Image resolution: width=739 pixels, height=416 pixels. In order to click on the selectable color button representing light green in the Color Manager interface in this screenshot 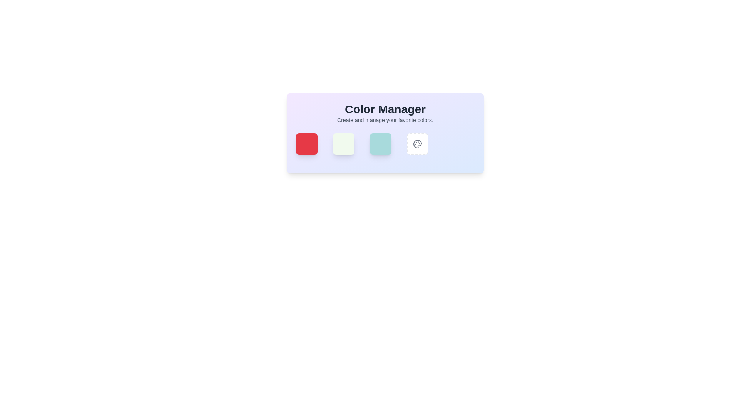, I will do `click(343, 144)`.